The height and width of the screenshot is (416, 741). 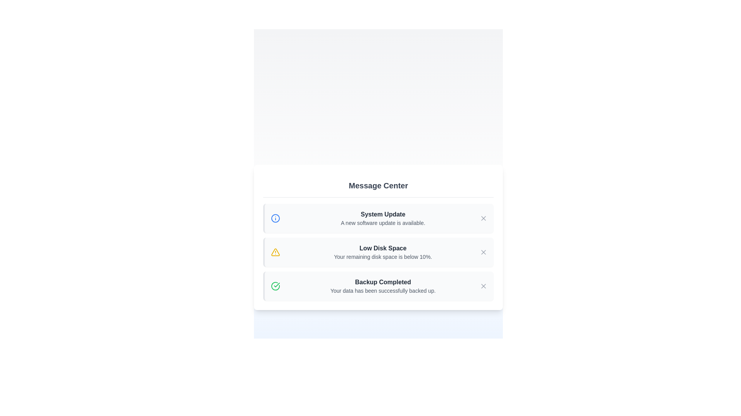 I want to click on the 'X' button located at the top-right corner of the 'Backup Completed' notification card, so click(x=483, y=286).